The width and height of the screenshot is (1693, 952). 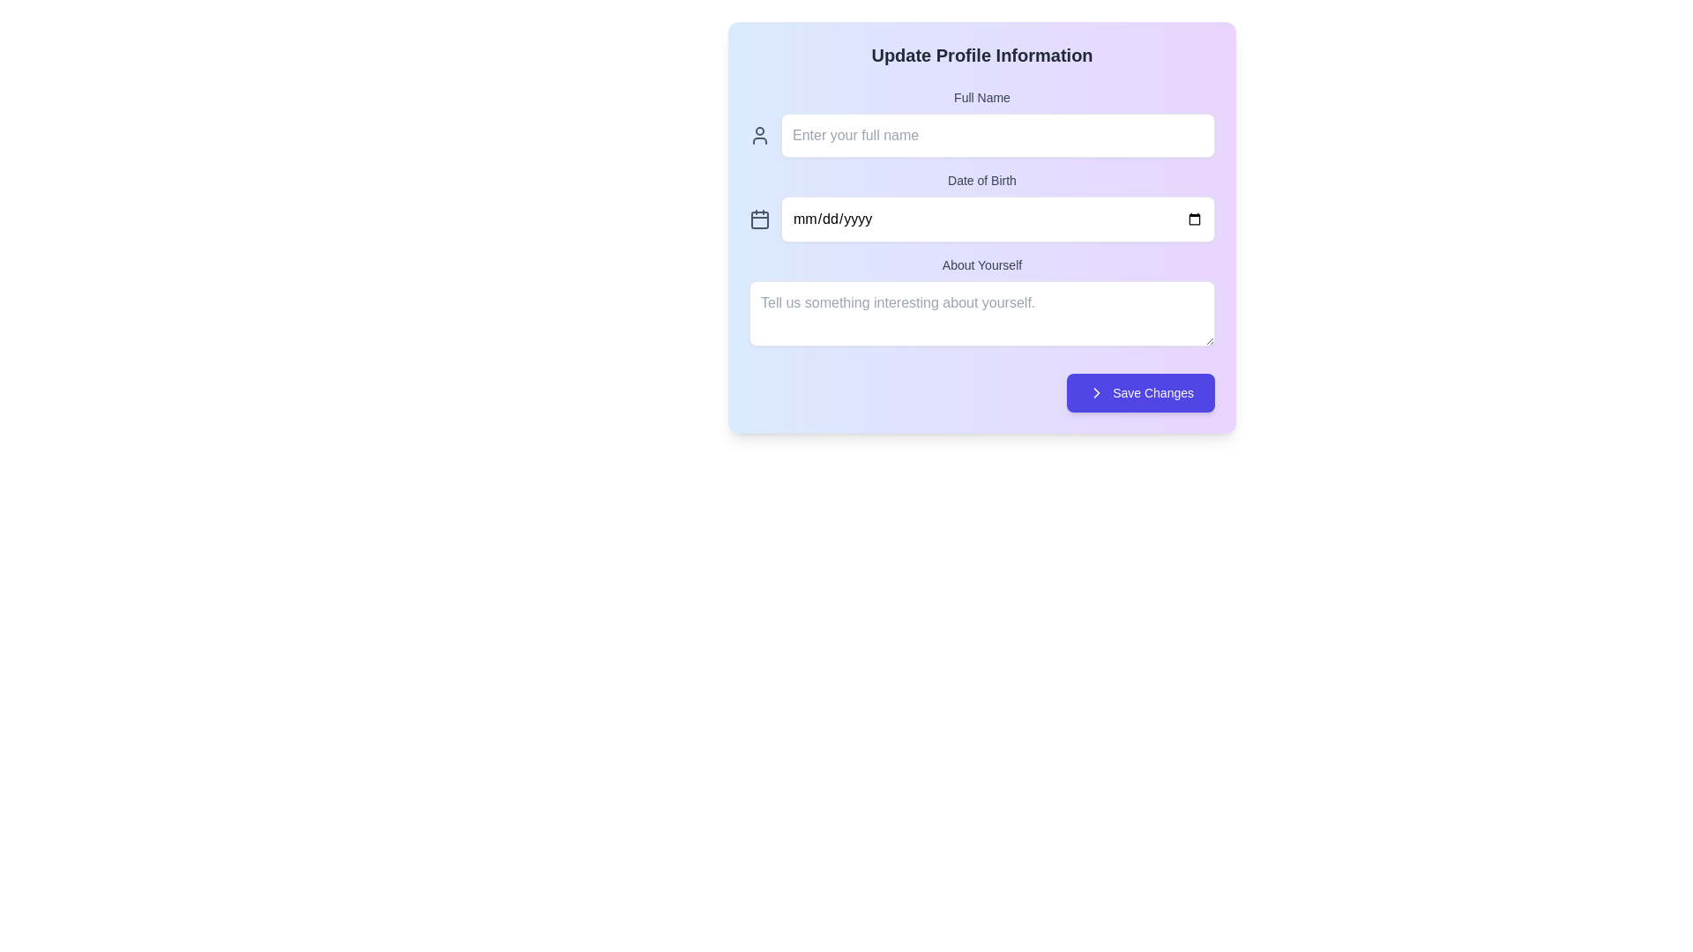 I want to click on the decorative icon within the 'Save Changes' button located at the bottom right corner of the dialog box containing the profile update form, so click(x=1096, y=392).